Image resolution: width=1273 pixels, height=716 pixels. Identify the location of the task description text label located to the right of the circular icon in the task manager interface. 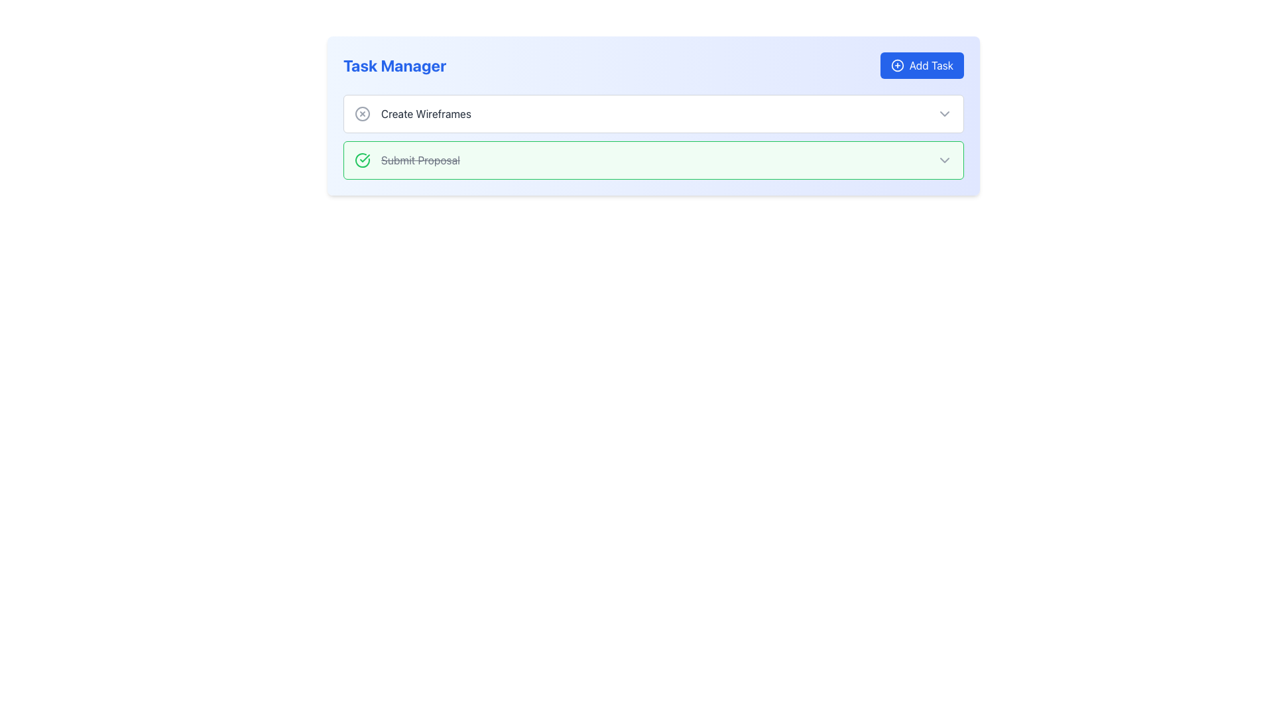
(426, 113).